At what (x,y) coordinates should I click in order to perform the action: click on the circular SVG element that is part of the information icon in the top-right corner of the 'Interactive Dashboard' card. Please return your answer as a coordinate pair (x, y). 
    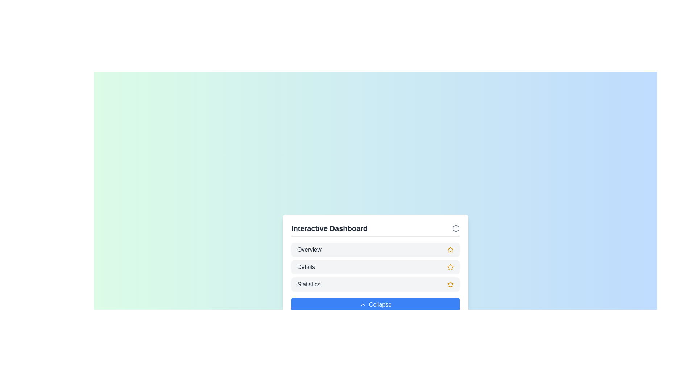
    Looking at the image, I should click on (455, 228).